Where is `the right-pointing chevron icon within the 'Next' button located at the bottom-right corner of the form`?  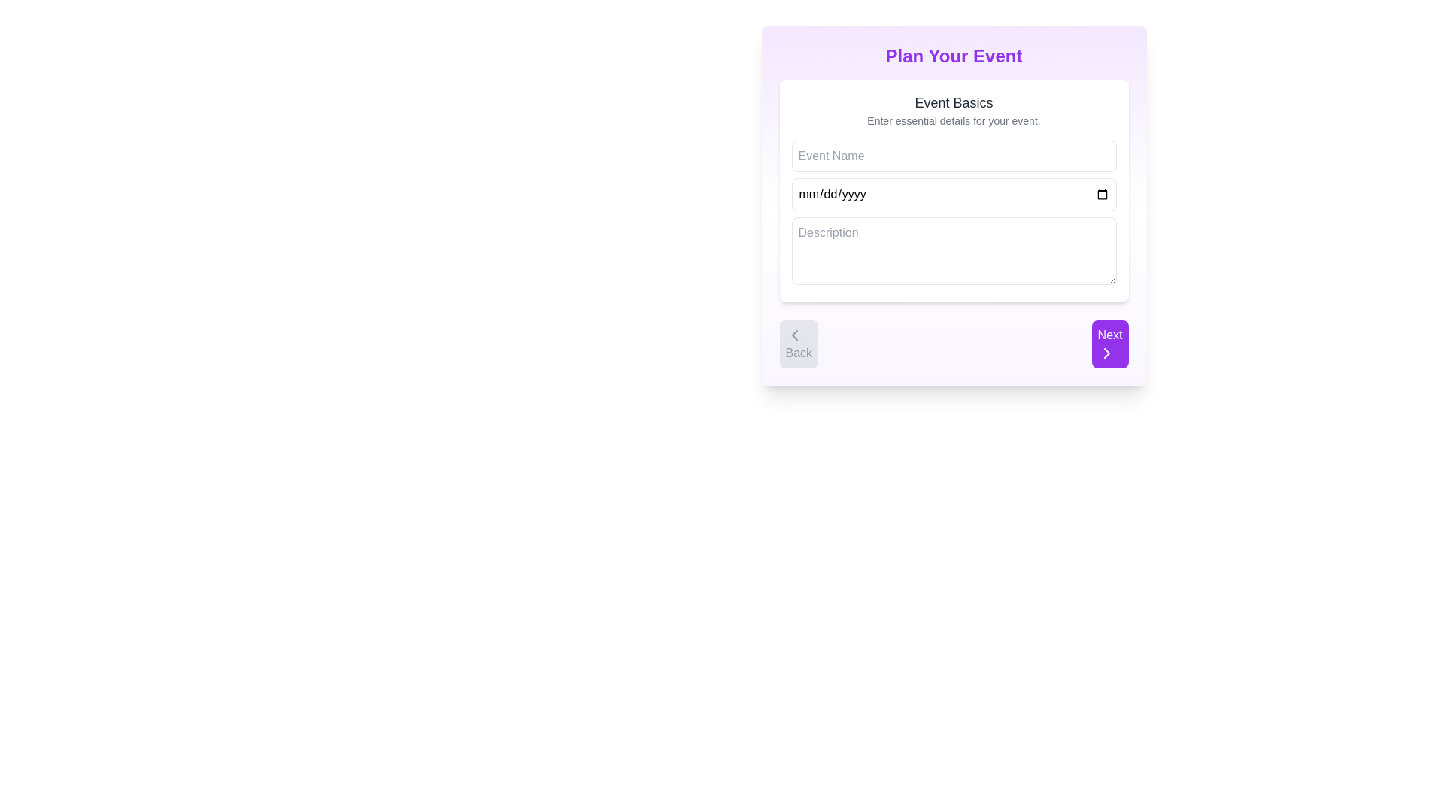 the right-pointing chevron icon within the 'Next' button located at the bottom-right corner of the form is located at coordinates (1106, 353).